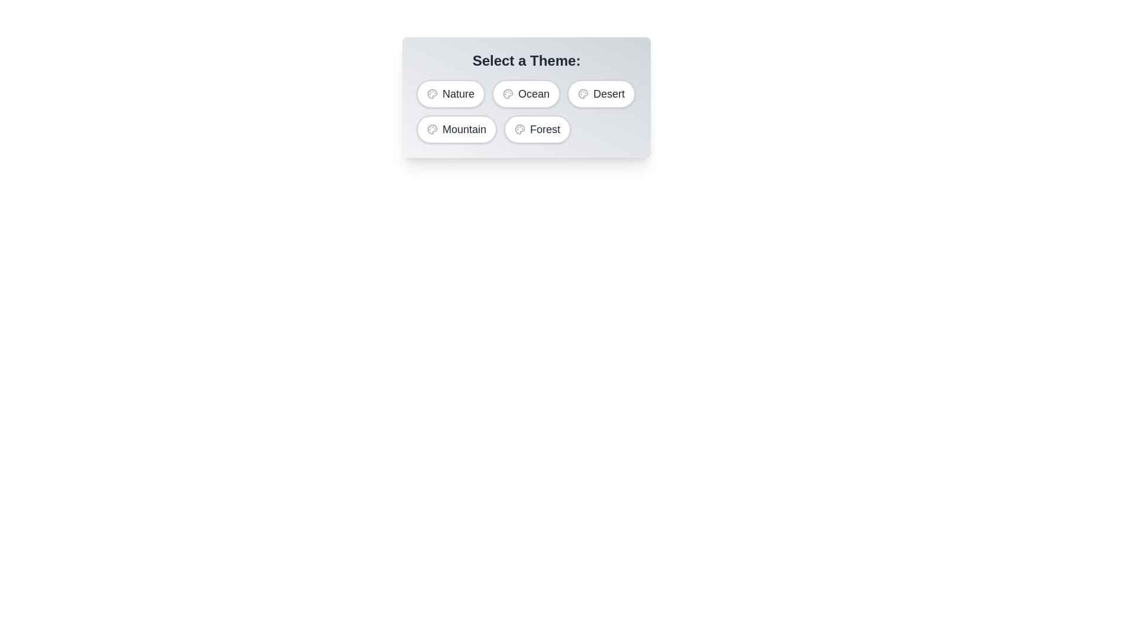 Image resolution: width=1136 pixels, height=639 pixels. What do you see at coordinates (450, 93) in the screenshot?
I see `the Nature button to select it` at bounding box center [450, 93].